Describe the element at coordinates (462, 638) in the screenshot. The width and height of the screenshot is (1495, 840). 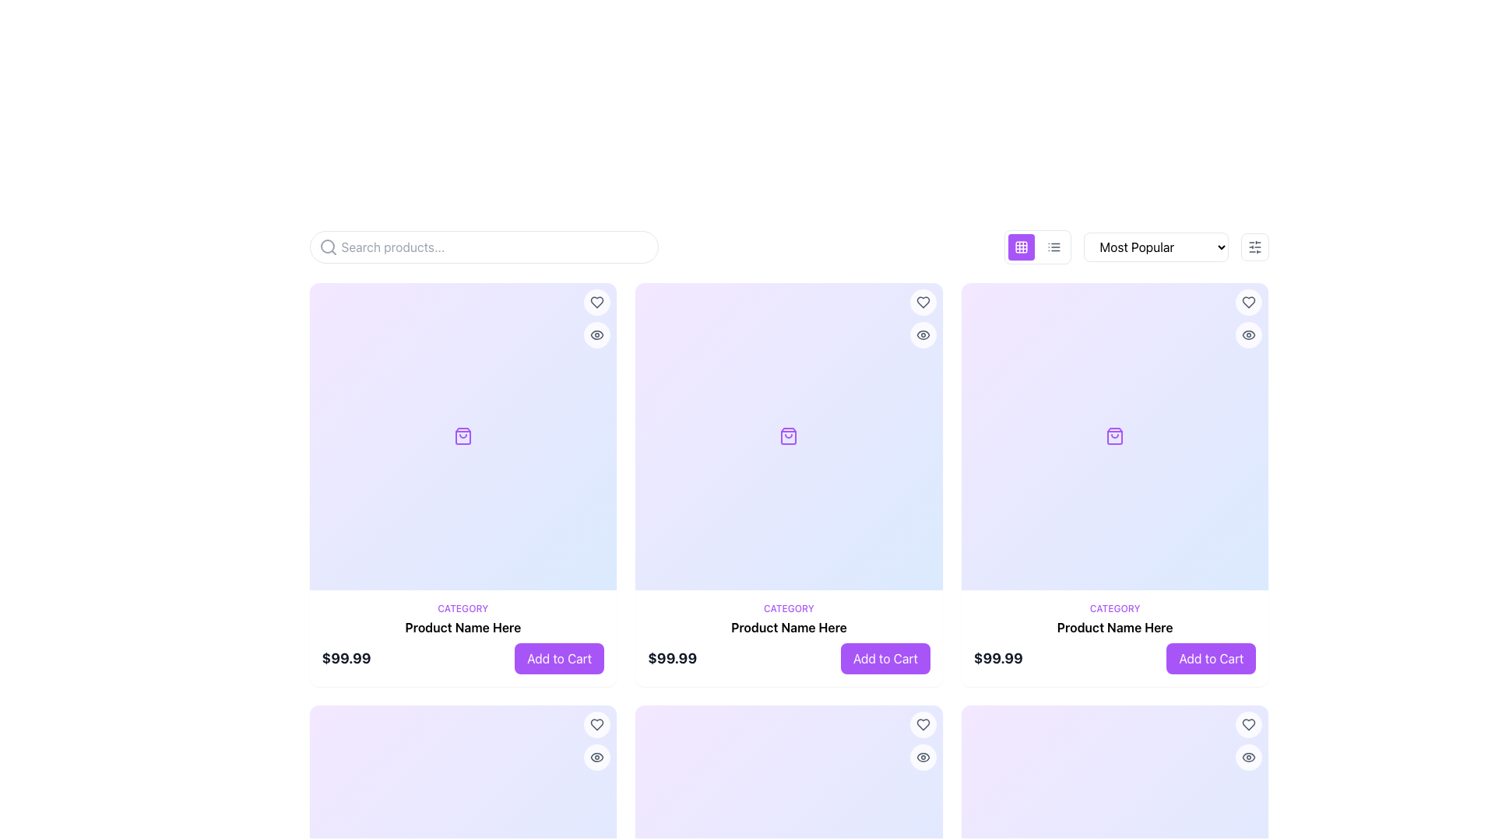
I see `product information from the card section which includes the category label, product name, and price, located at the bottom of the leftmost card in the row` at that location.